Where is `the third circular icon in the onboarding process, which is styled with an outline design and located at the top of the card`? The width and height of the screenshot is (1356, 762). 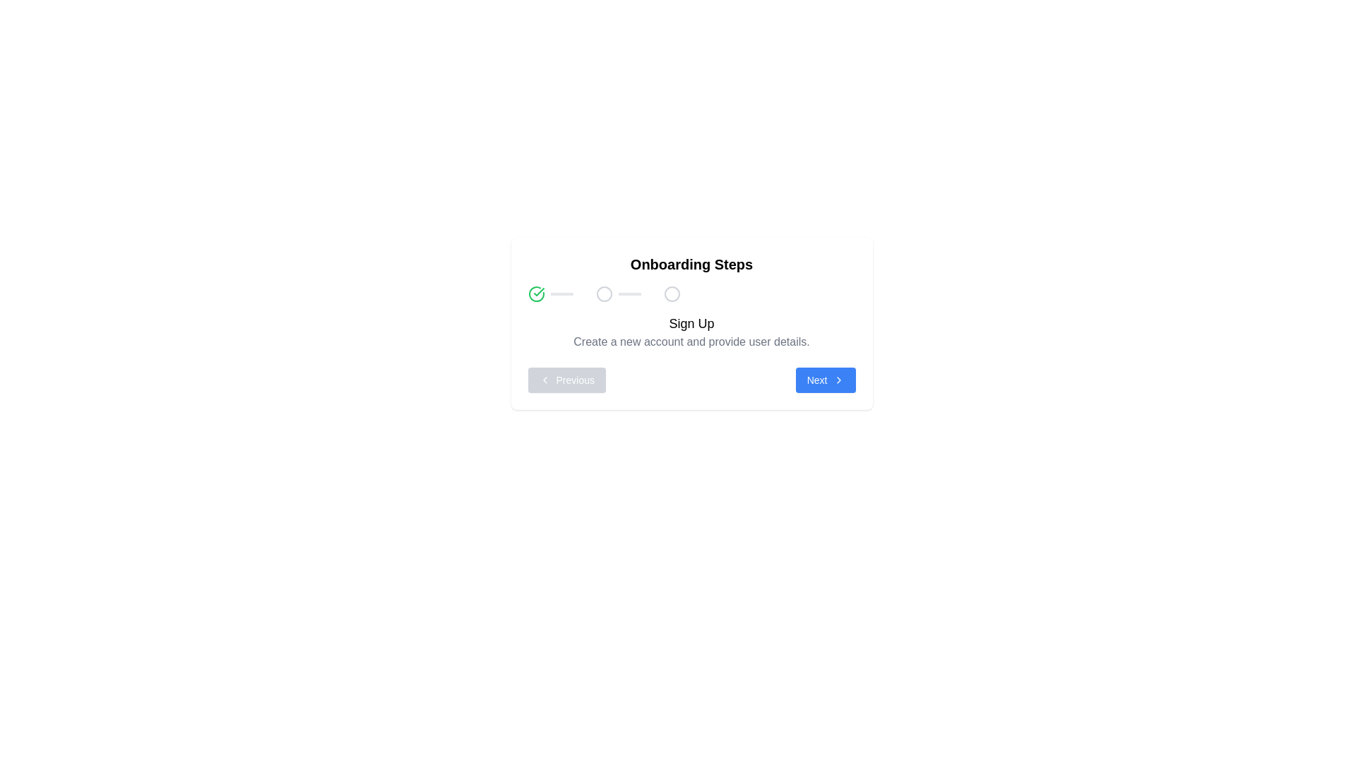 the third circular icon in the onboarding process, which is styled with an outline design and located at the top of the card is located at coordinates (671, 293).